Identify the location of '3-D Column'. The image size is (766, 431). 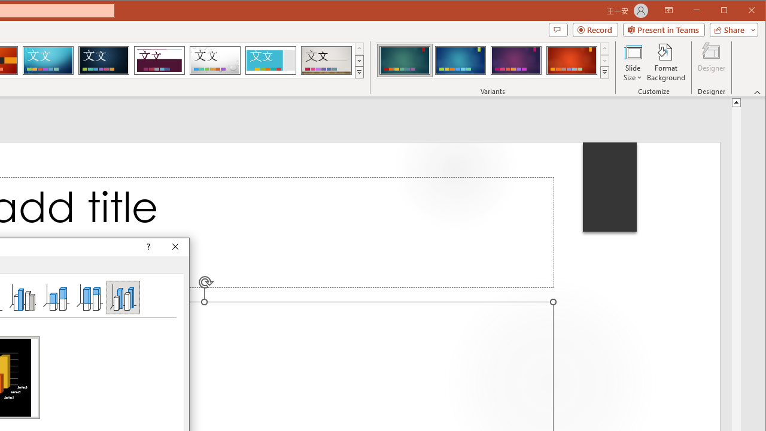
(123, 296).